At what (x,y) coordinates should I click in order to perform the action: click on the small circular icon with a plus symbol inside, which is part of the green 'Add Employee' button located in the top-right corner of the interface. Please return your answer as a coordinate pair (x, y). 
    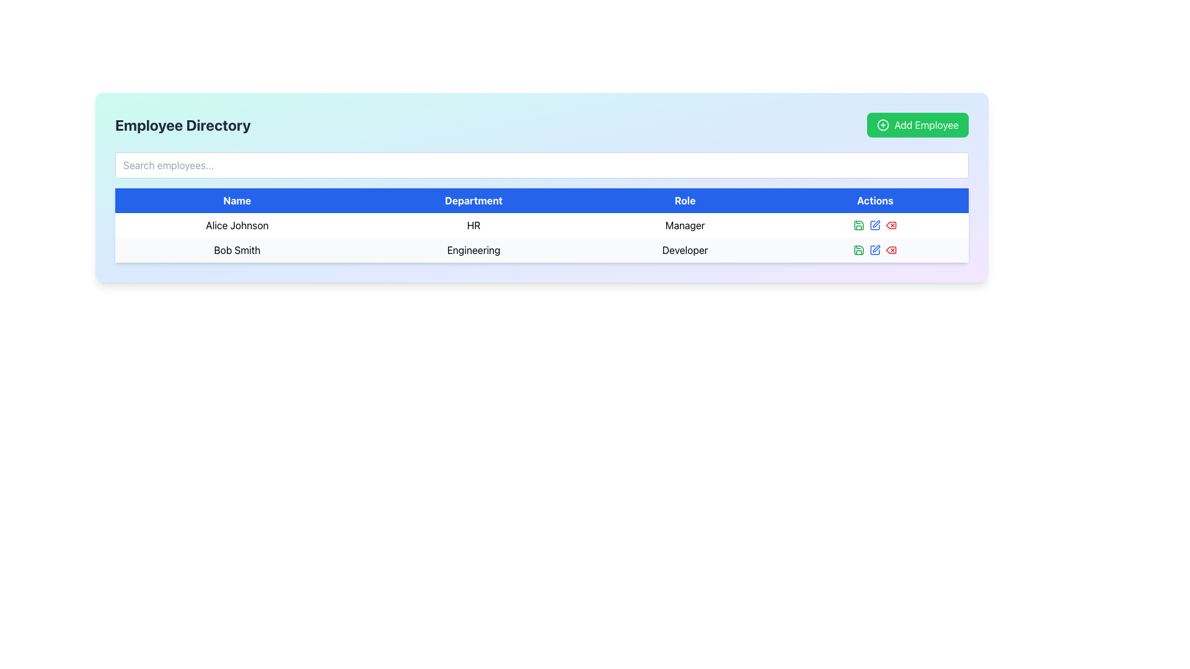
    Looking at the image, I should click on (883, 125).